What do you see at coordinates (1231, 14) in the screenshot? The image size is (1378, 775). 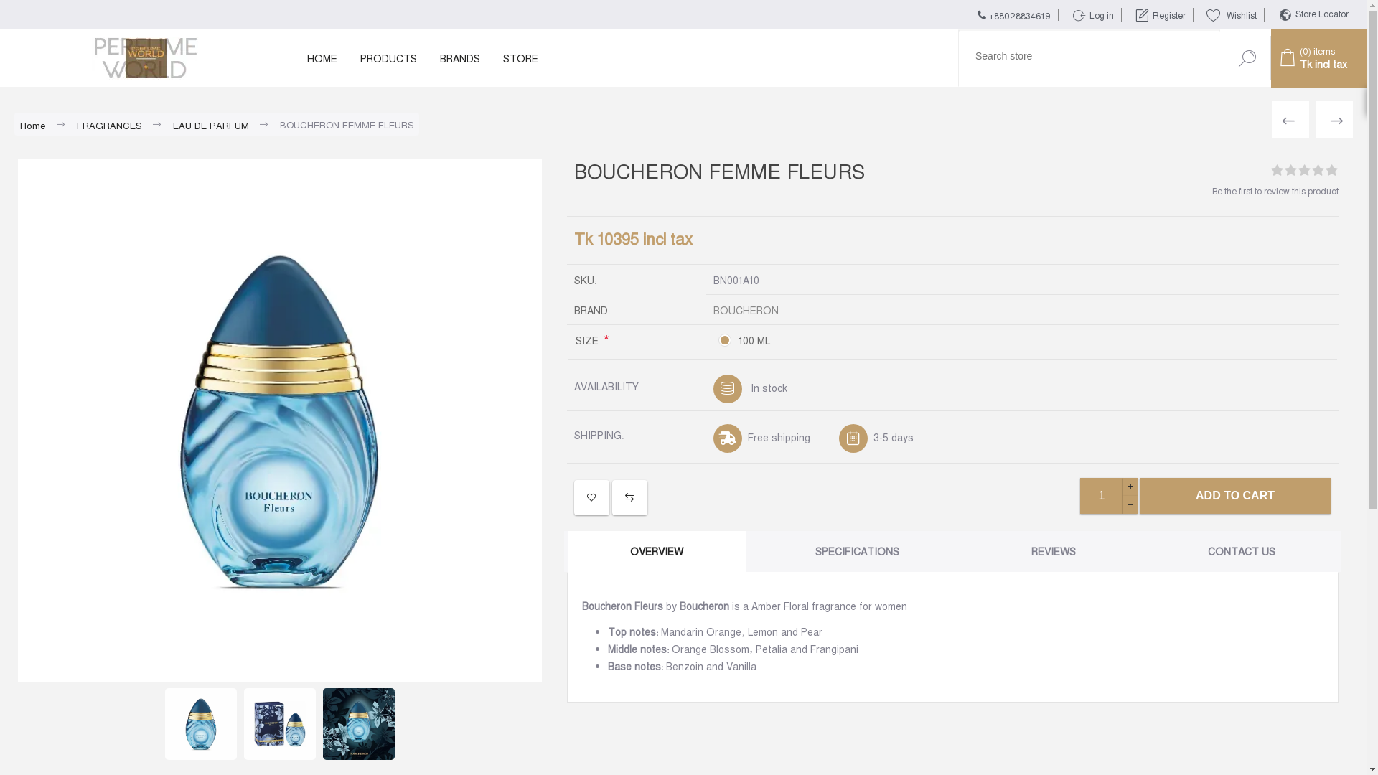 I see `'(0)` at bounding box center [1231, 14].